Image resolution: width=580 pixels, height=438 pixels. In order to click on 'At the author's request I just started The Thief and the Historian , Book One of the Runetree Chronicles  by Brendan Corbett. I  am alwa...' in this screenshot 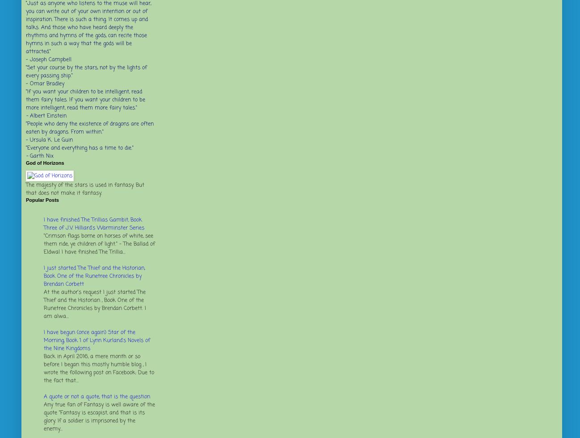, I will do `click(95, 304)`.